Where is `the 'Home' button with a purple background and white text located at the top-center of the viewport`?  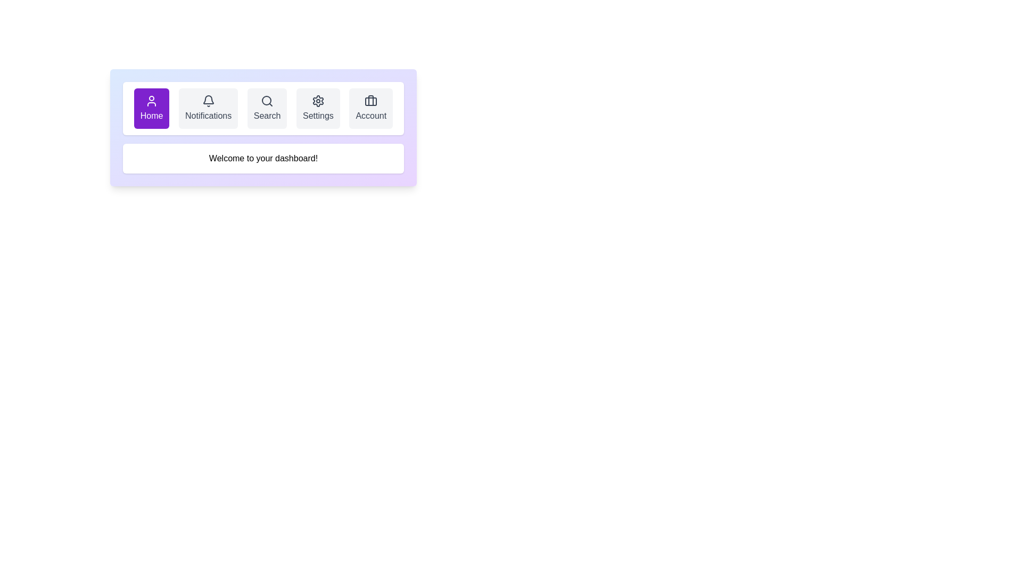 the 'Home' button with a purple background and white text located at the top-center of the viewport is located at coordinates (151, 109).